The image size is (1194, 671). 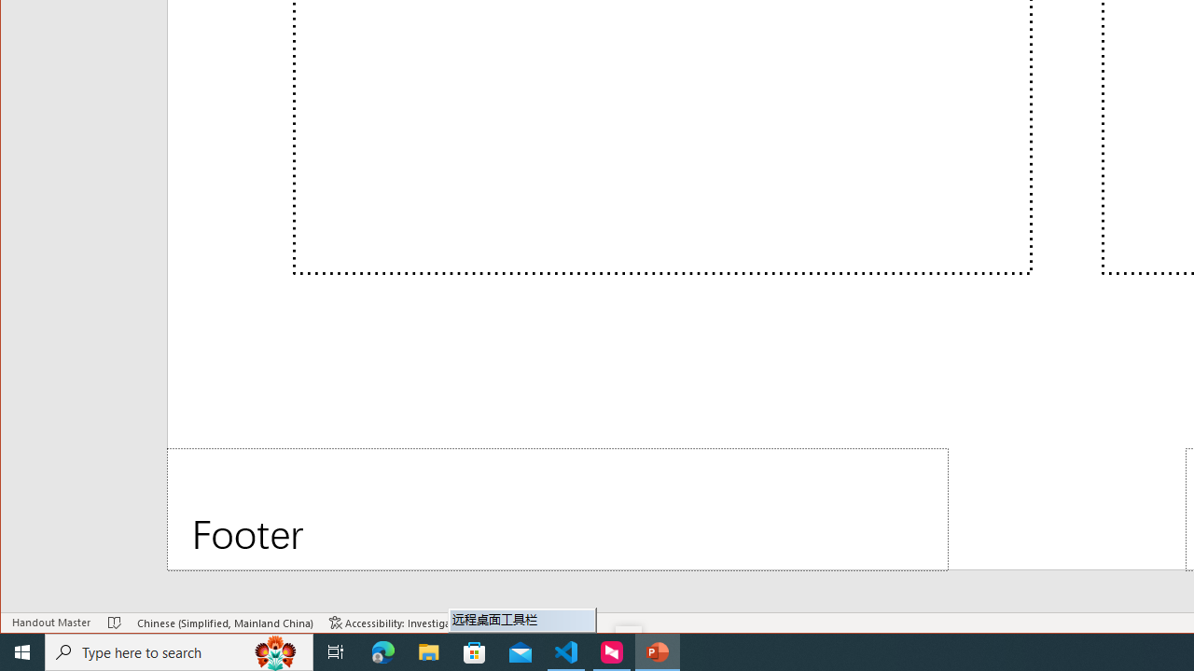 I want to click on 'Spell Check No Errors', so click(x=114, y=623).